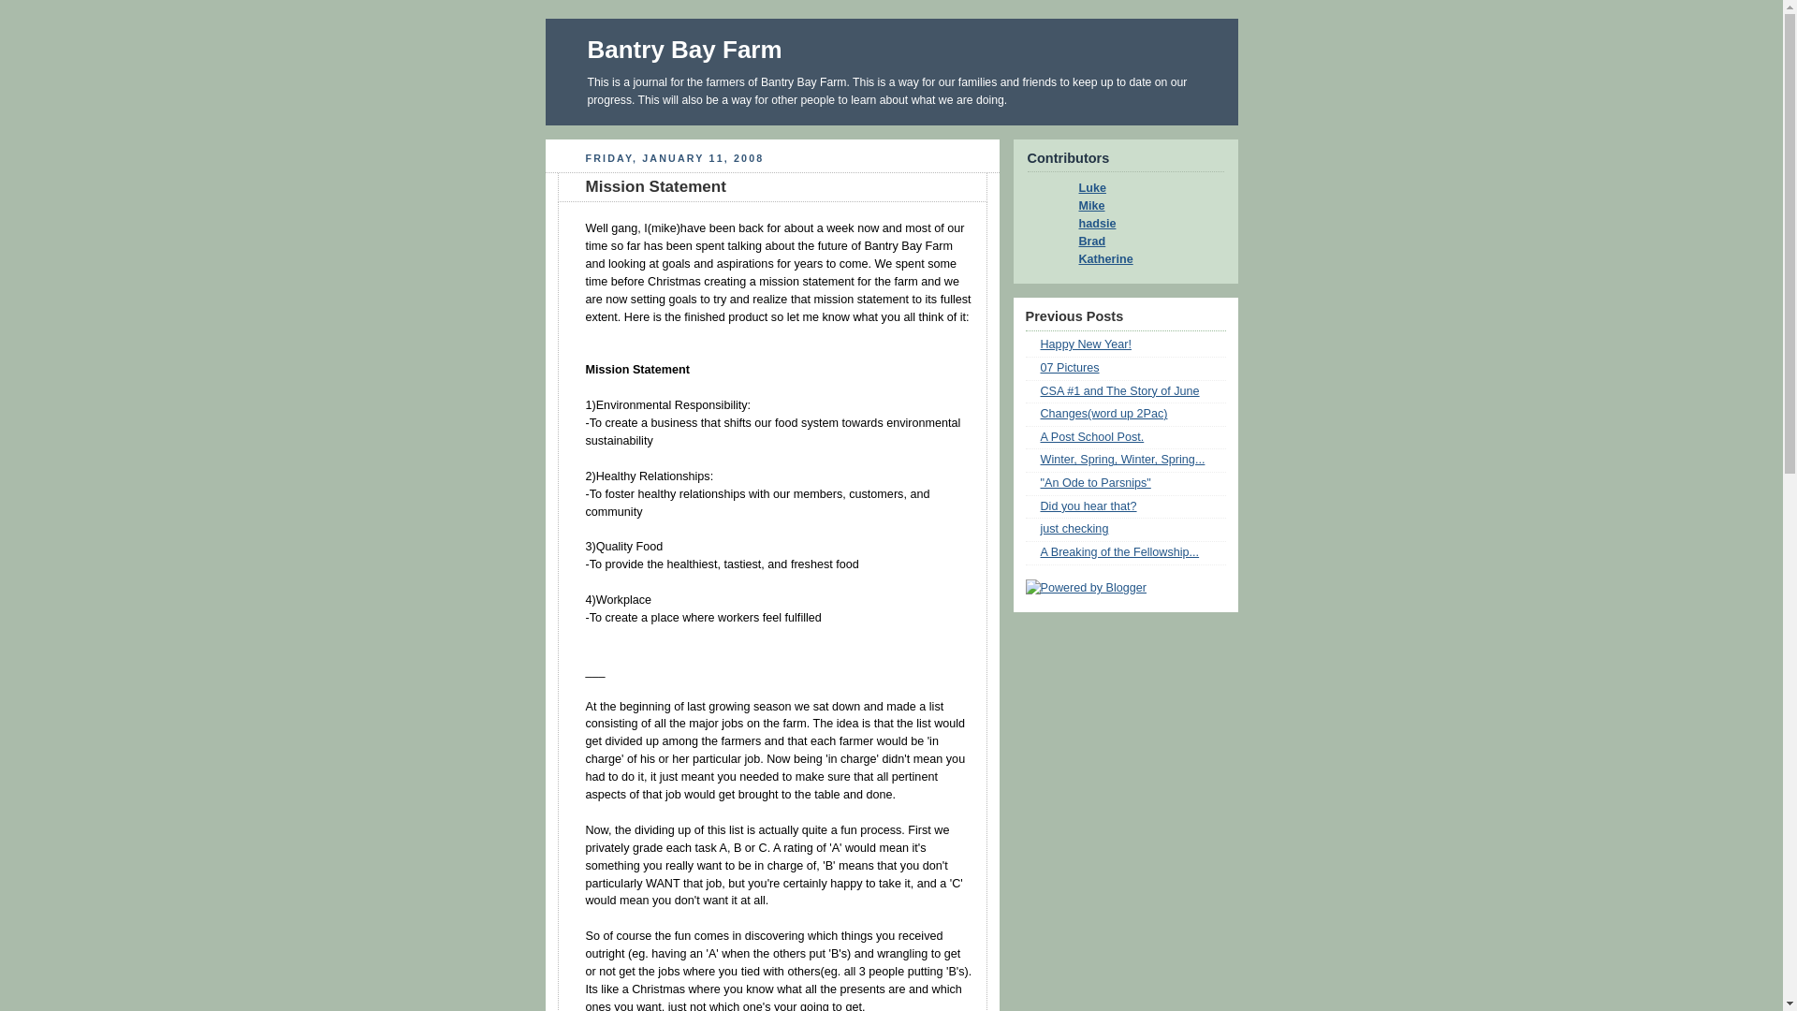  What do you see at coordinates (1040, 528) in the screenshot?
I see `'just checking'` at bounding box center [1040, 528].